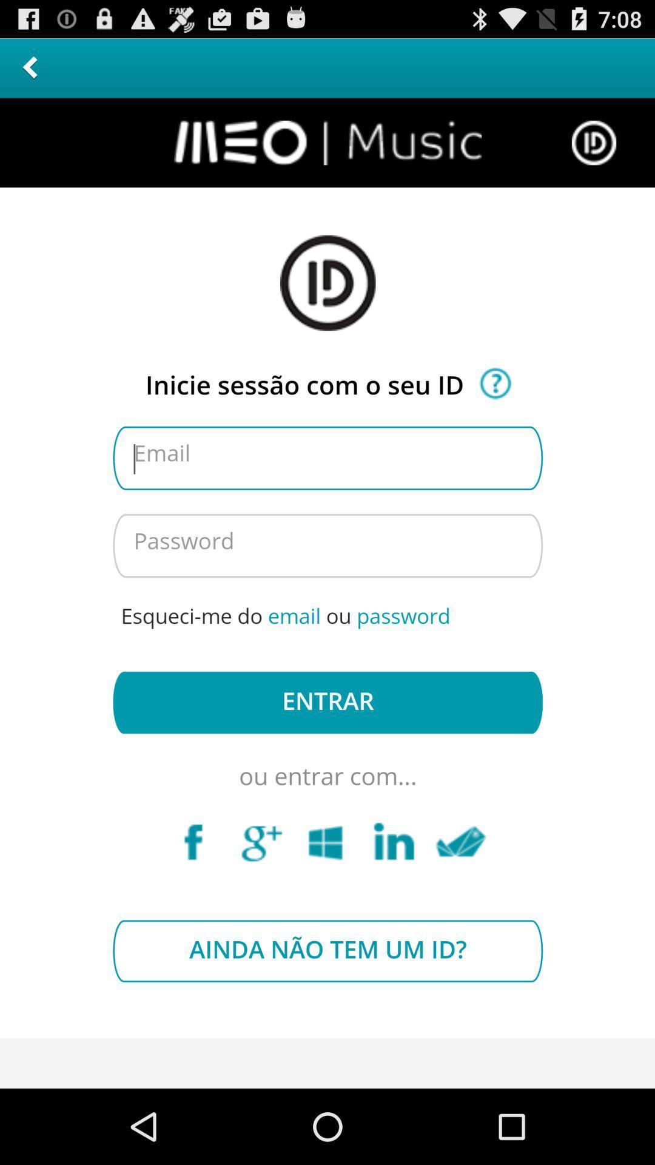 This screenshot has height=1165, width=655. What do you see at coordinates (29, 72) in the screenshot?
I see `the arrow_backward icon` at bounding box center [29, 72].